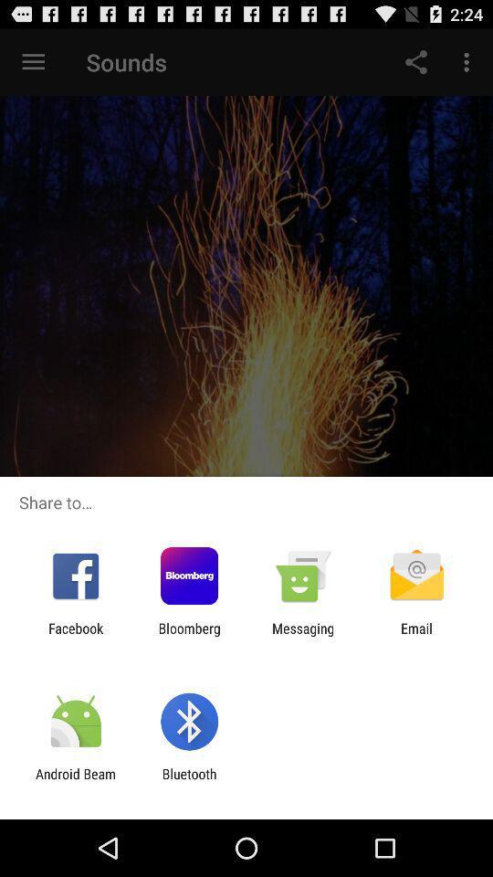 The height and width of the screenshot is (877, 493). I want to click on bloomberg icon, so click(188, 636).